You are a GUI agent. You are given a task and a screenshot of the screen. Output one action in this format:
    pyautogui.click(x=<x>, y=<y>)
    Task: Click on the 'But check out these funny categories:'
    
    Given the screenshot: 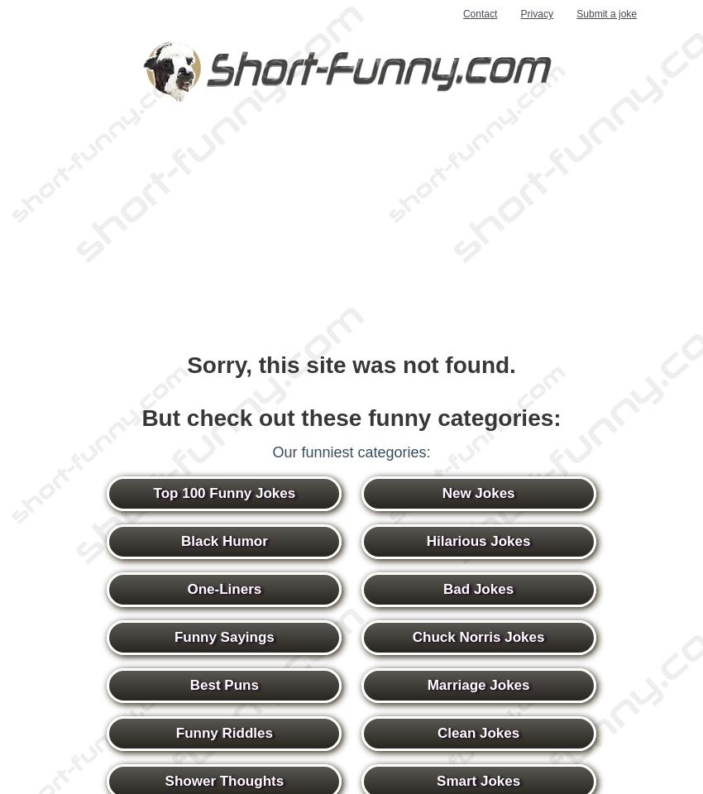 What is the action you would take?
    pyautogui.click(x=351, y=417)
    